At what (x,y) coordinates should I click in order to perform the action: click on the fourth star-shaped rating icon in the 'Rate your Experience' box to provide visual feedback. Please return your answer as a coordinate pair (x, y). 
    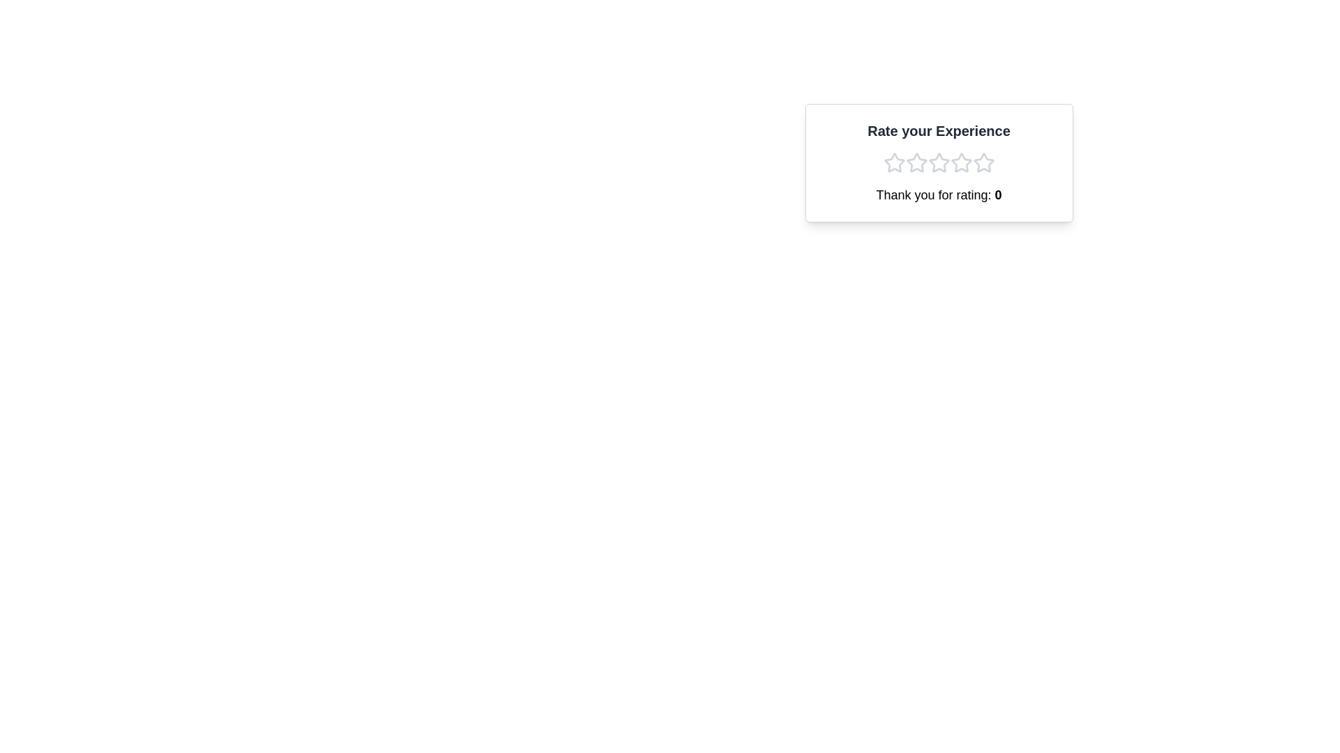
    Looking at the image, I should click on (939, 162).